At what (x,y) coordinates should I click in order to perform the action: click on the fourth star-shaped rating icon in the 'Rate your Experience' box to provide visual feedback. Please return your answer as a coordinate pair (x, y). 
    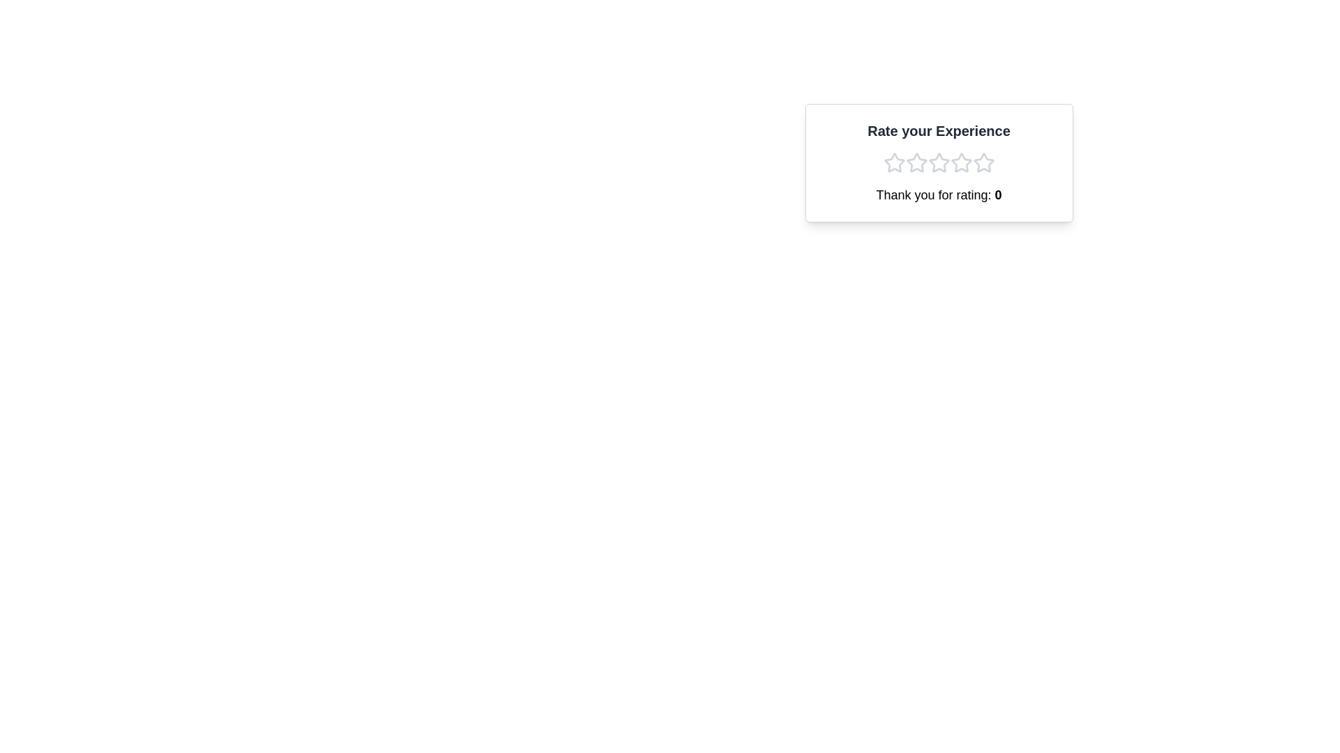
    Looking at the image, I should click on (939, 162).